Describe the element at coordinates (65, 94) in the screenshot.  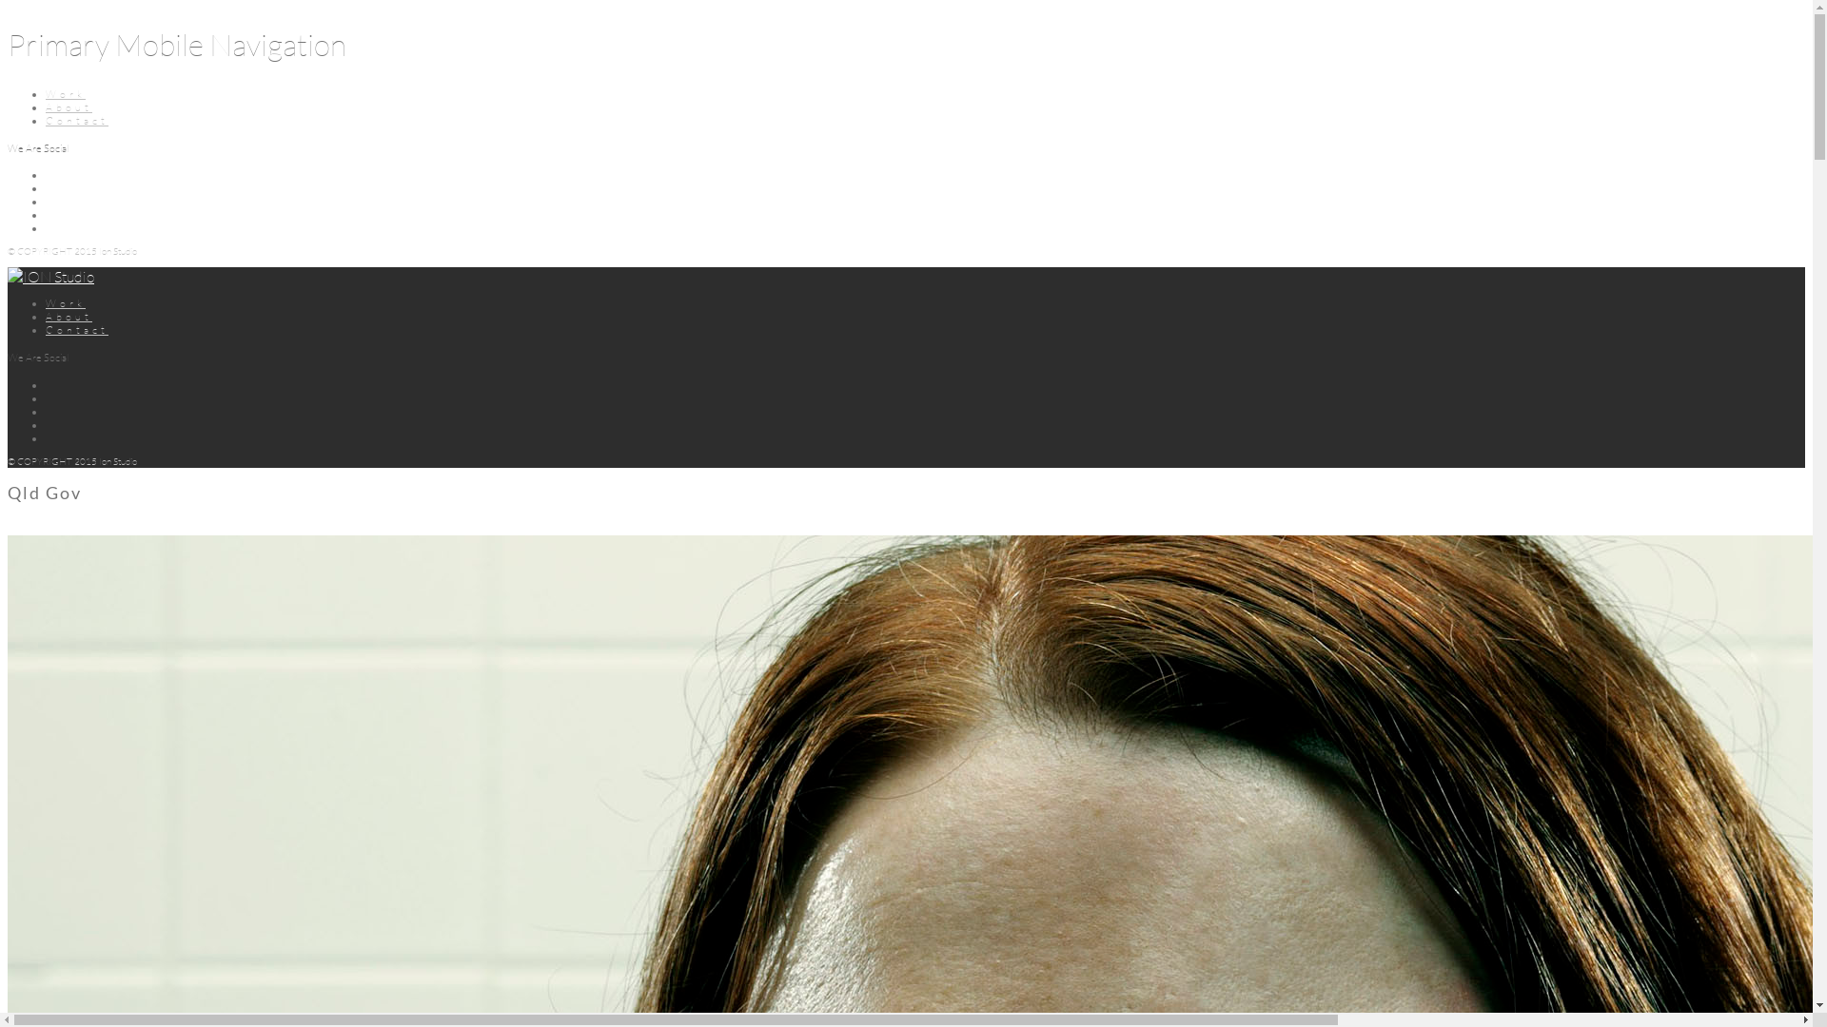
I see `'Work'` at that location.